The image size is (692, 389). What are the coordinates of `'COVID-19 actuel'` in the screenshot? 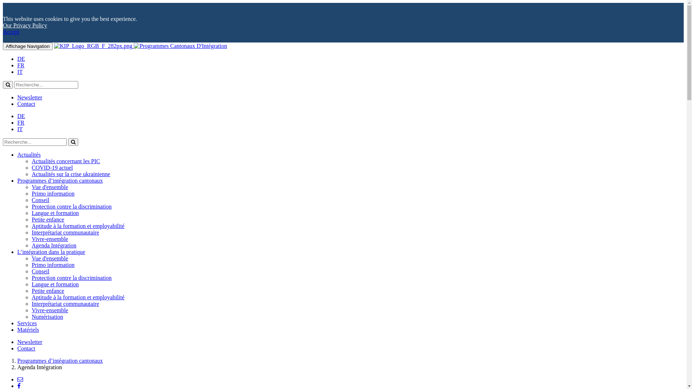 It's located at (52, 167).